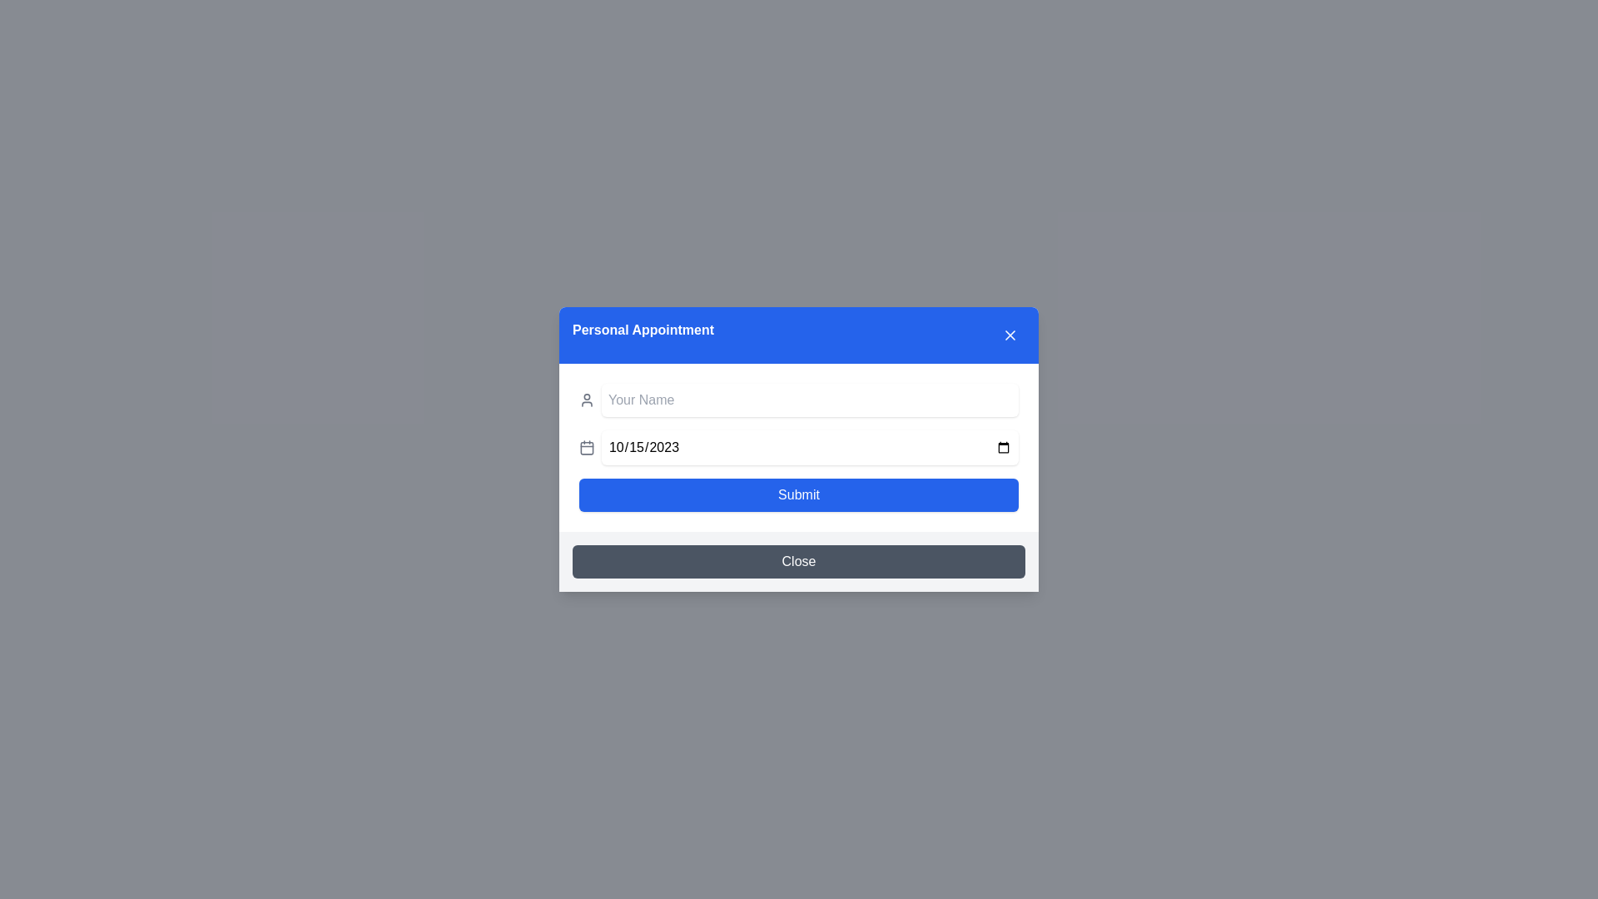  Describe the element at coordinates (587, 446) in the screenshot. I see `the decorative icon indicating the date input field, which is the first item in the horizontal group of form components` at that location.